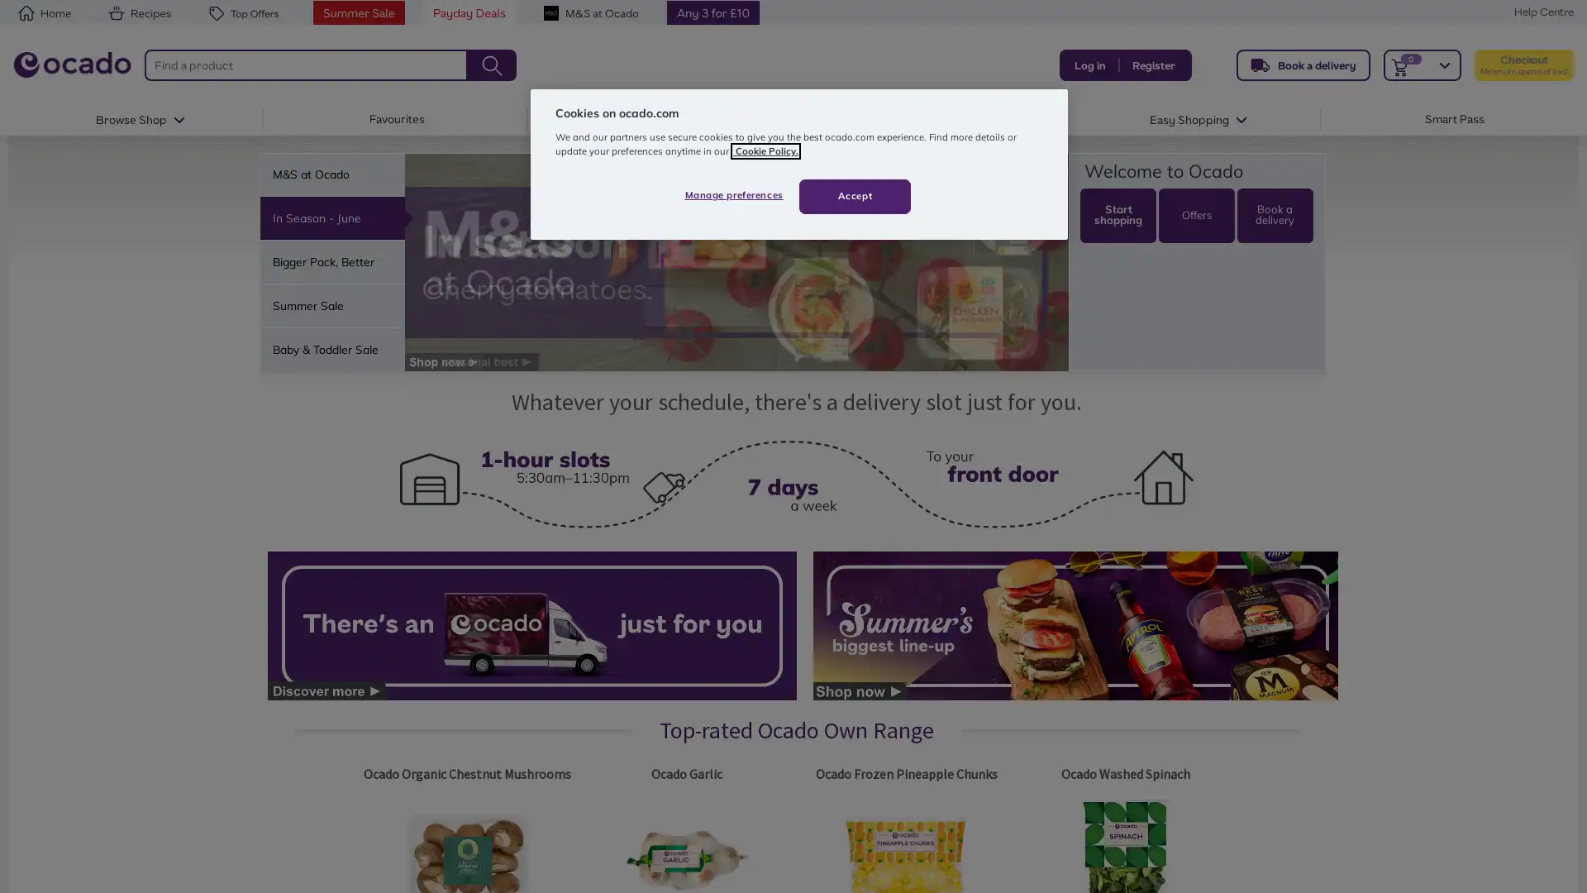  I want to click on Manage preferences, so click(732, 193).